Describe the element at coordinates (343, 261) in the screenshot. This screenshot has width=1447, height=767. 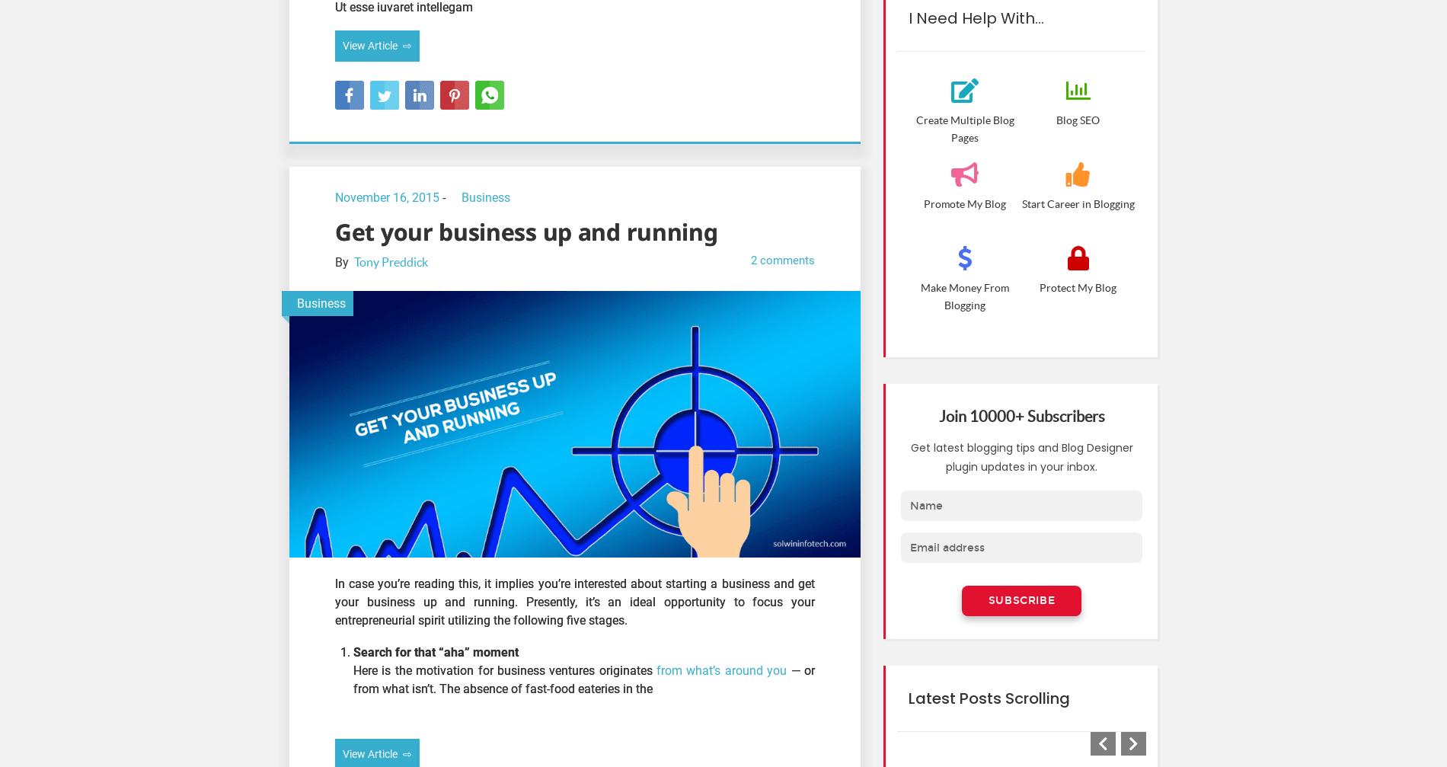
I see `'By'` at that location.